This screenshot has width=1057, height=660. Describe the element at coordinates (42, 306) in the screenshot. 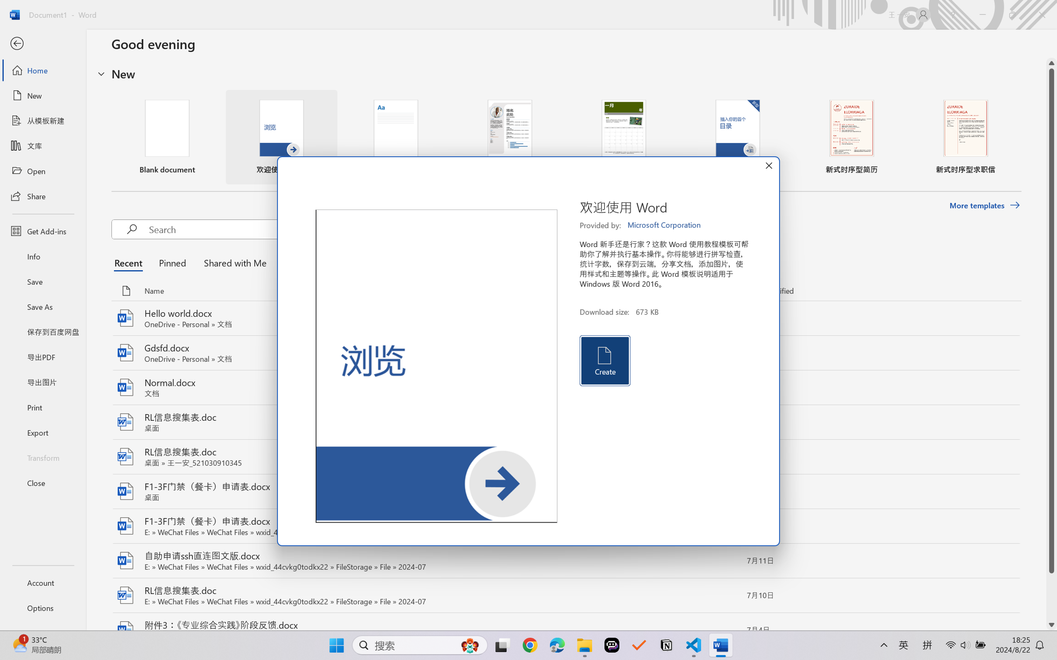

I see `'Save As'` at that location.